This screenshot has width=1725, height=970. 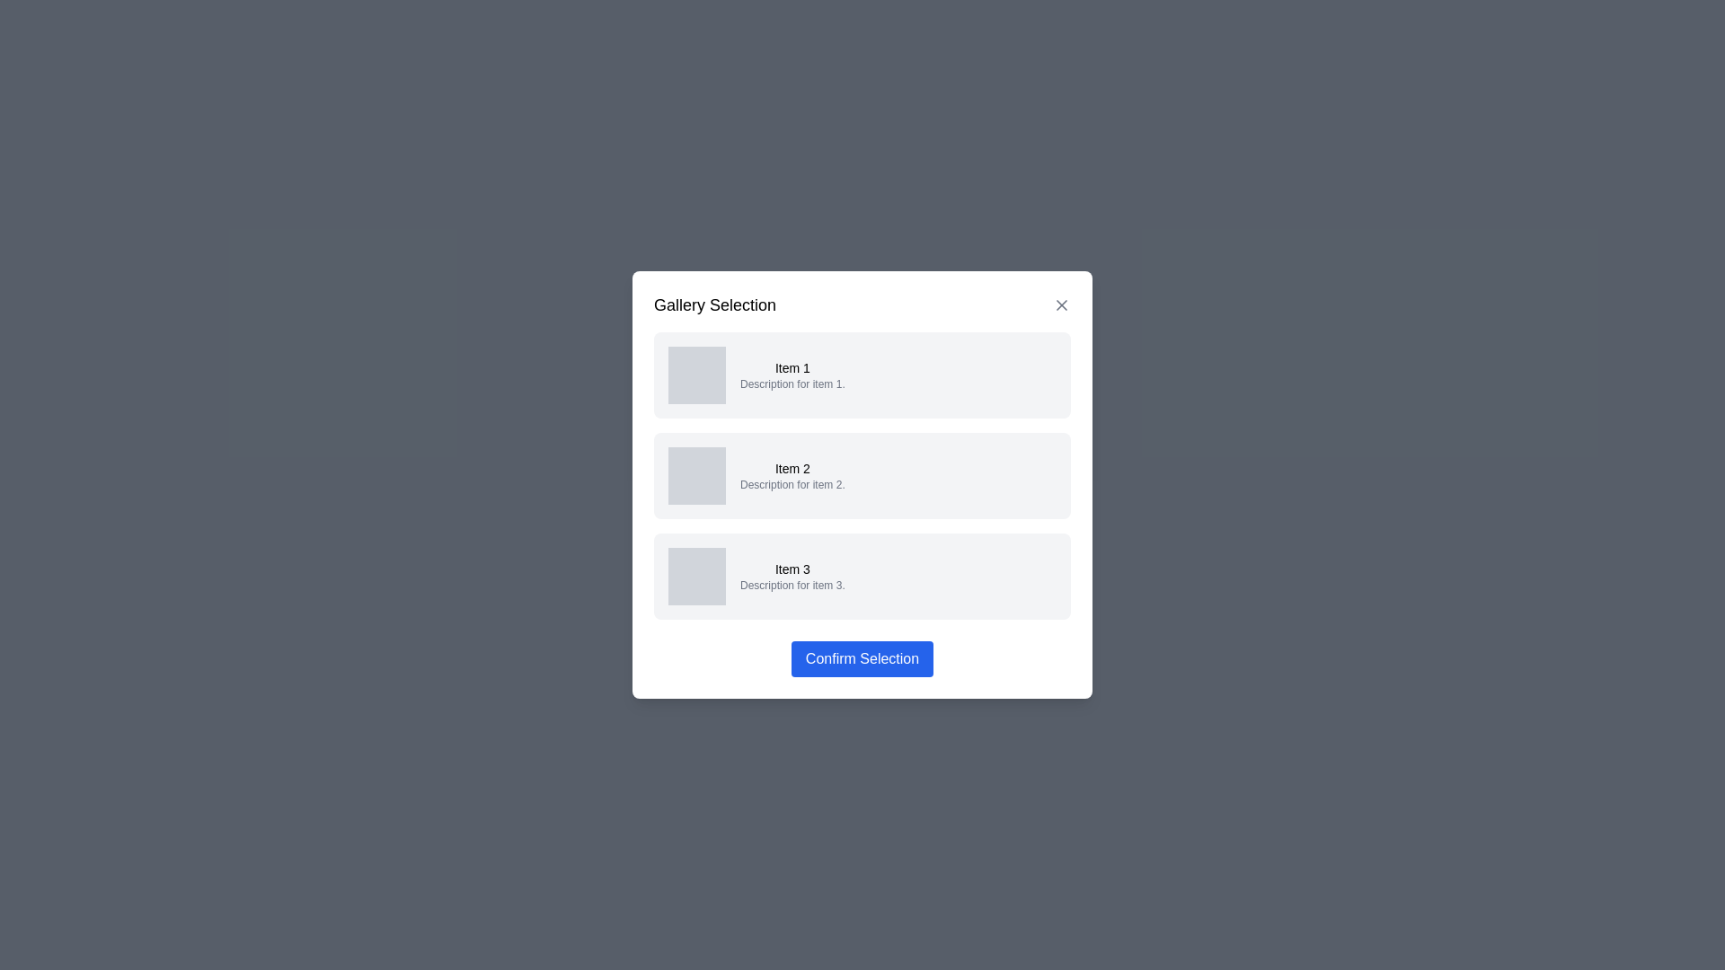 I want to click on the first list item in the 'Gallery Selection' modal, which has a gray background, rounded corners, and contains the title 'Item 1' and description 'Description for item 1.', so click(x=862, y=374).